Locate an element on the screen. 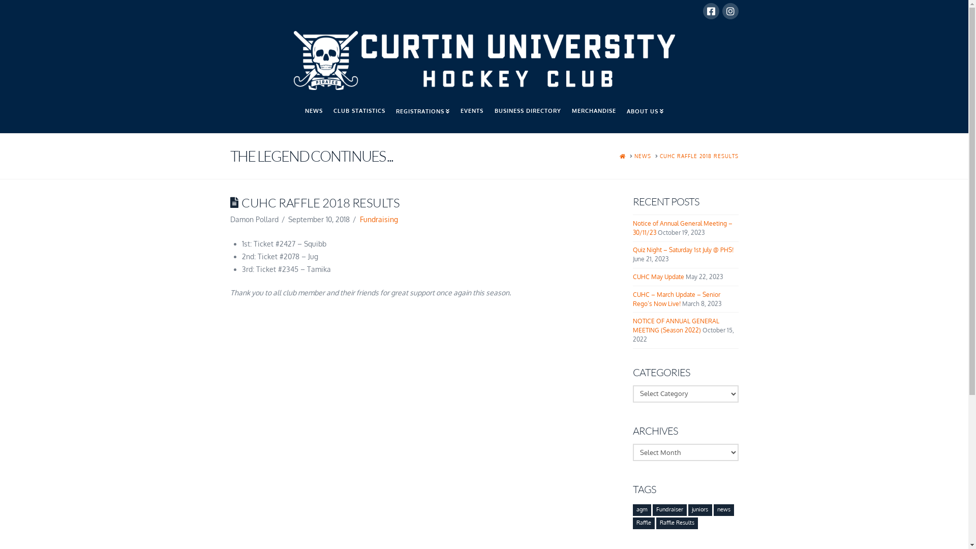 The image size is (976, 549). 'ABOUT US' is located at coordinates (645, 115).